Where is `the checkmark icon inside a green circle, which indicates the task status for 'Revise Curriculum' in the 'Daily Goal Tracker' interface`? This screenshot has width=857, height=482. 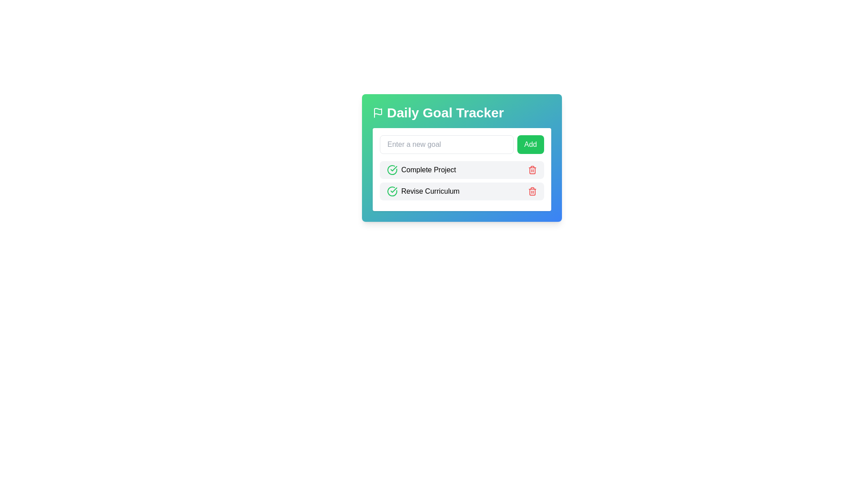 the checkmark icon inside a green circle, which indicates the task status for 'Revise Curriculum' in the 'Daily Goal Tracker' interface is located at coordinates (392, 170).